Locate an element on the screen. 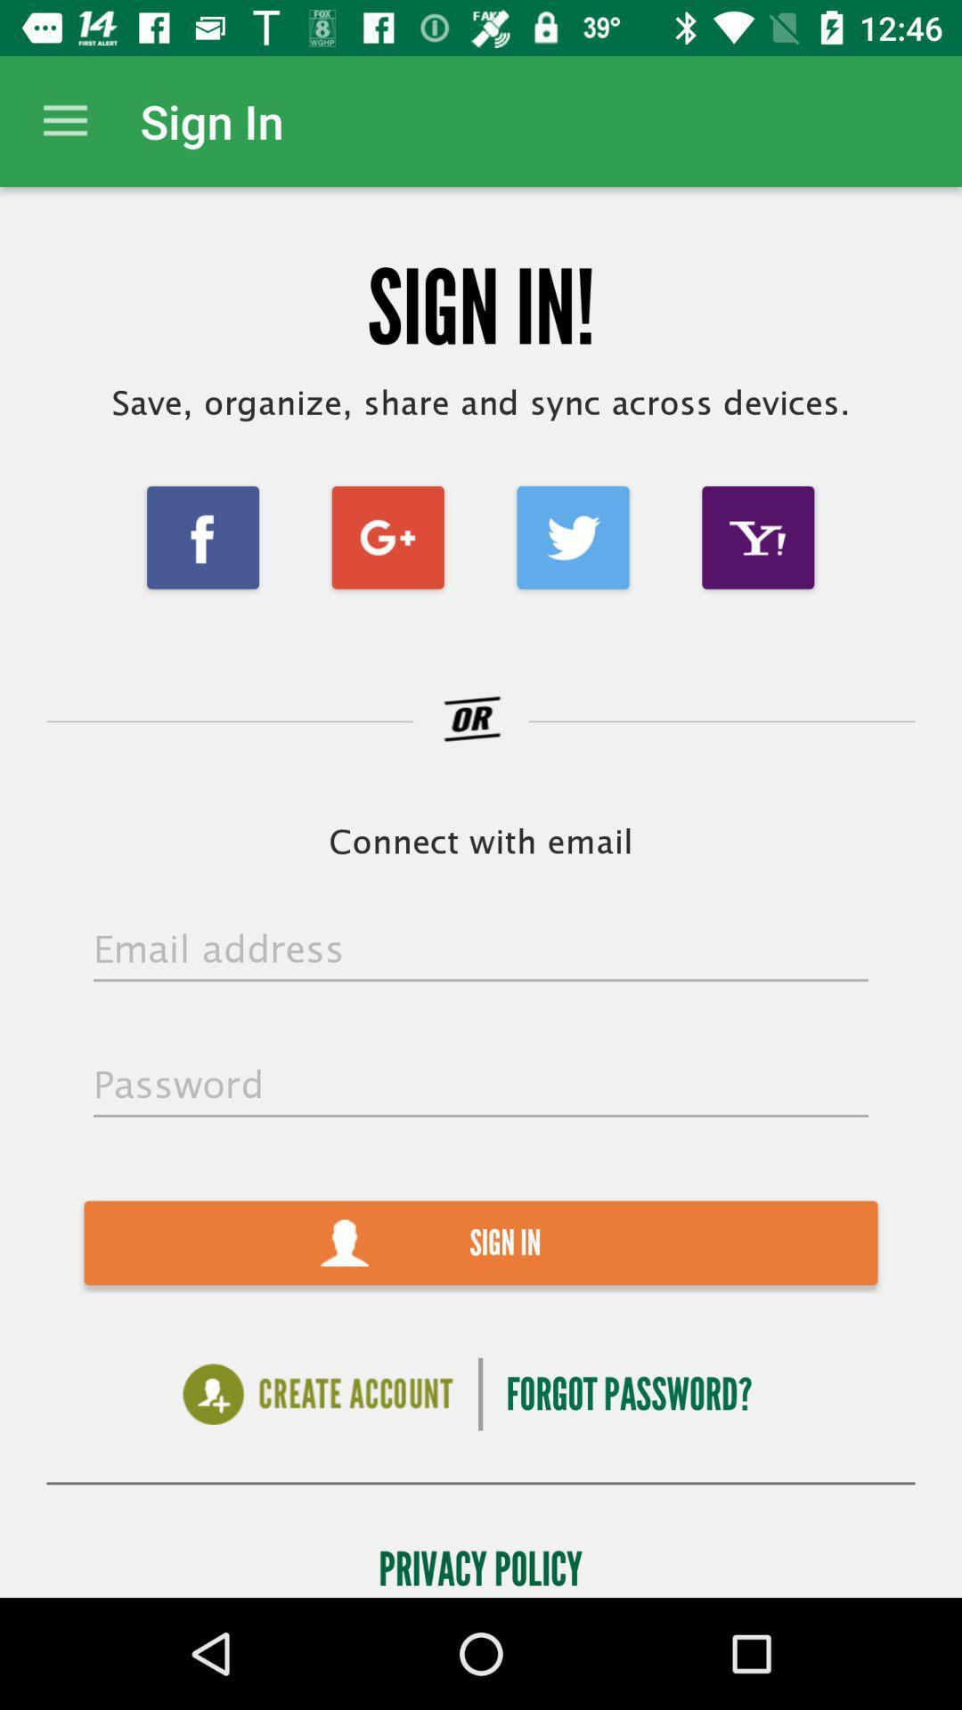 This screenshot has height=1710, width=962. the google plus icon is located at coordinates (387, 536).